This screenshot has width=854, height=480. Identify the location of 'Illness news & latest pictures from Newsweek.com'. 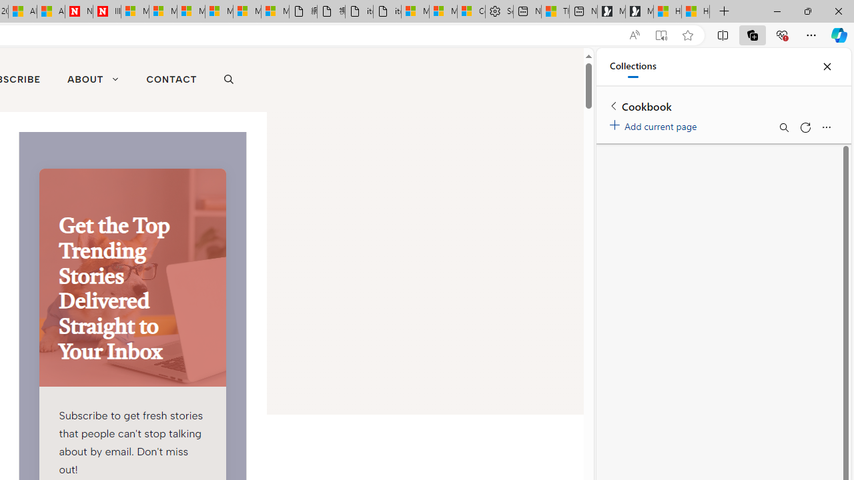
(107, 11).